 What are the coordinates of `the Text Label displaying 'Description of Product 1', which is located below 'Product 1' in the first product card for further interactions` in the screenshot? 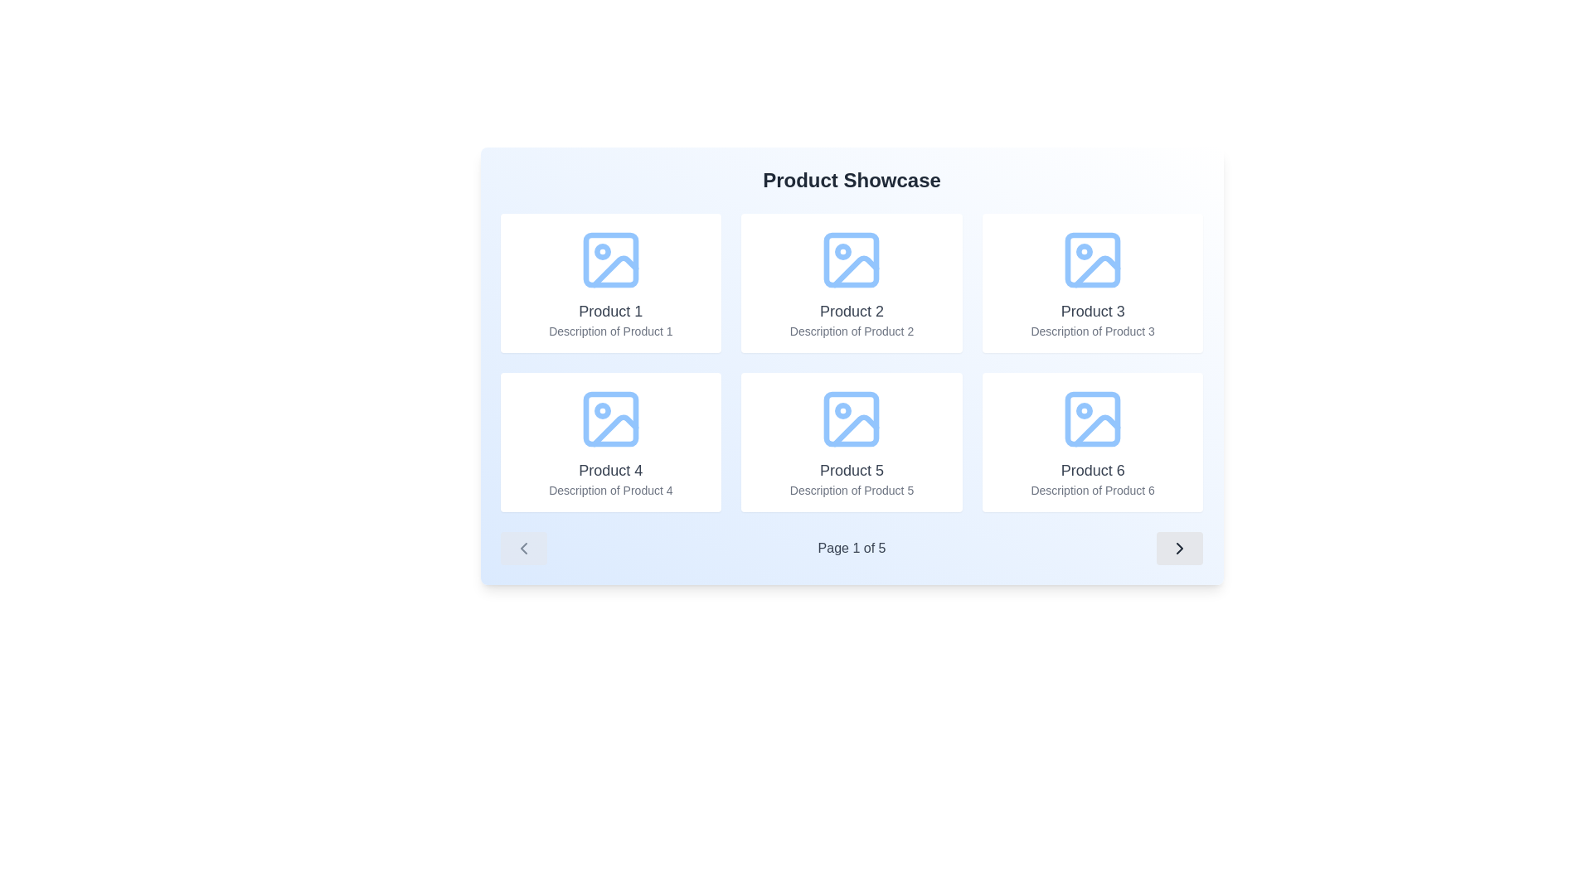 It's located at (609, 331).